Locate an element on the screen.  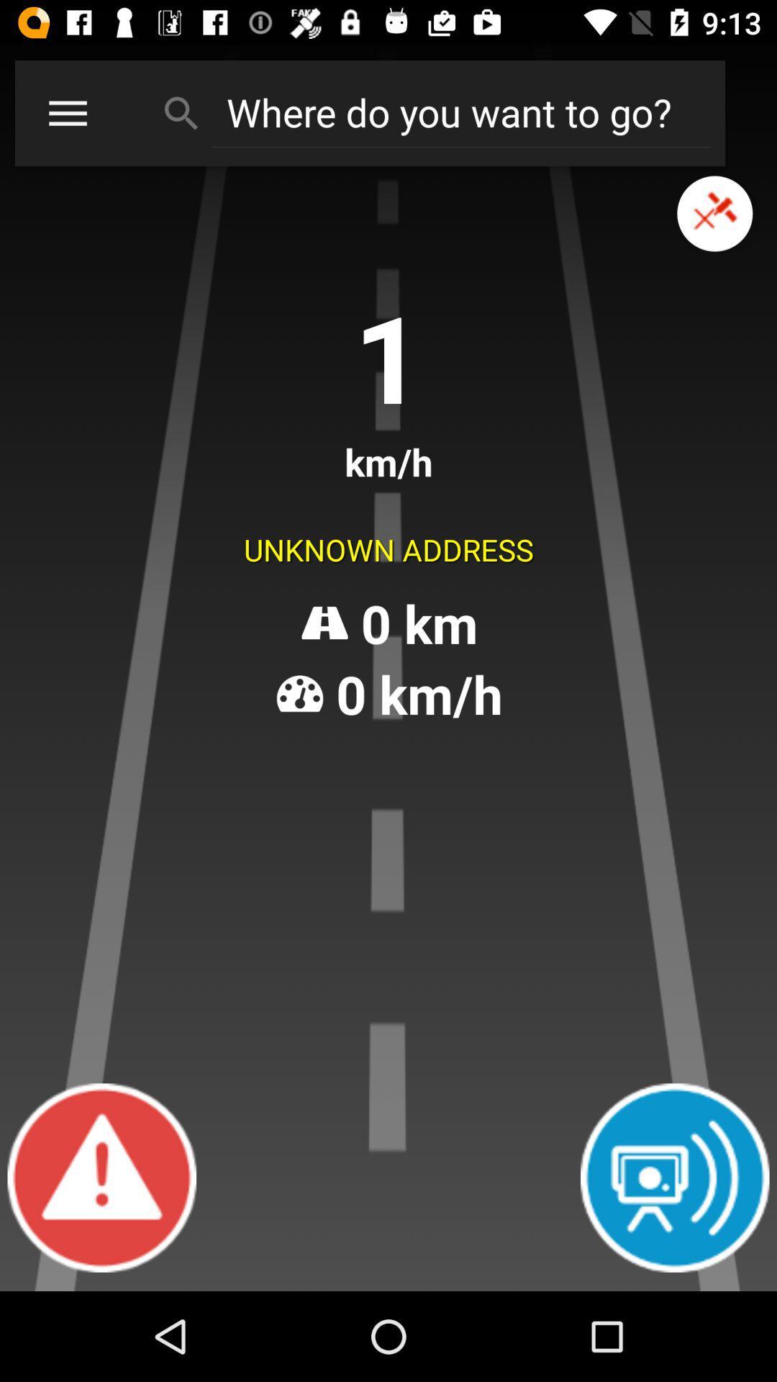
the close icon is located at coordinates (714, 227).